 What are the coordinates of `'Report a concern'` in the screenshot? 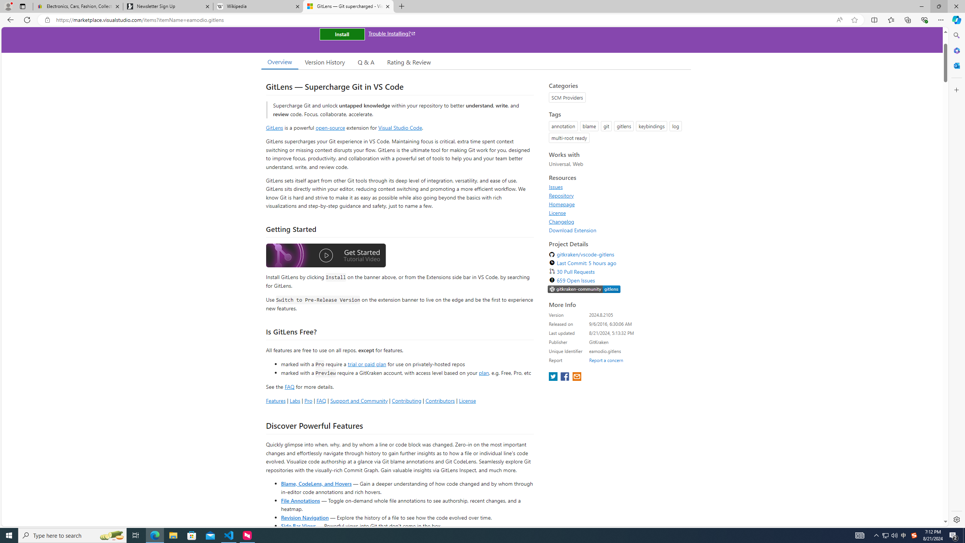 It's located at (605, 360).